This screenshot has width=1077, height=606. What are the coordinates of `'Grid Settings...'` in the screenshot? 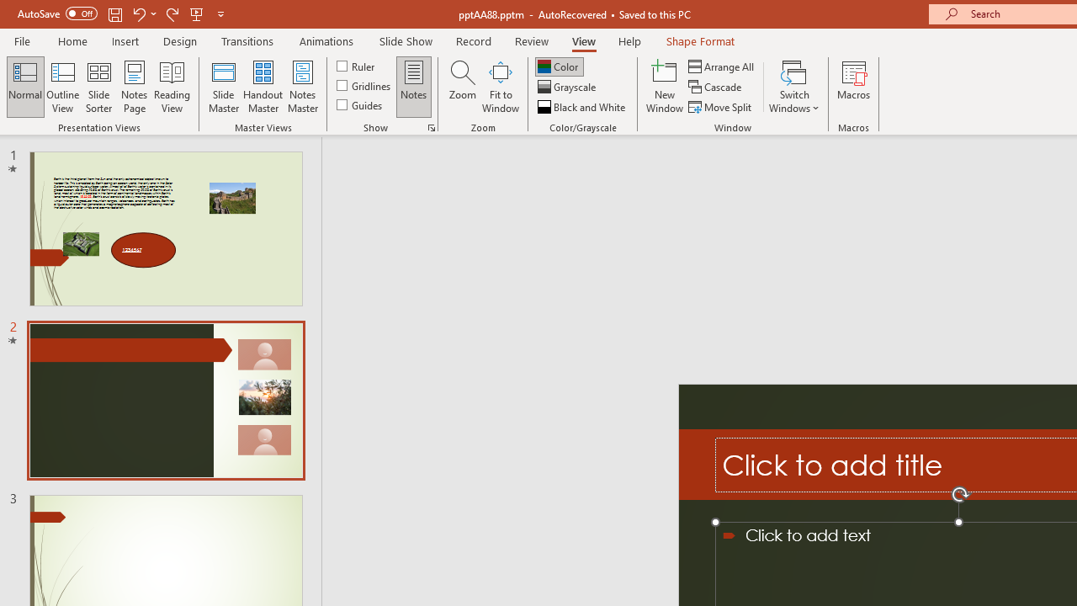 It's located at (432, 126).